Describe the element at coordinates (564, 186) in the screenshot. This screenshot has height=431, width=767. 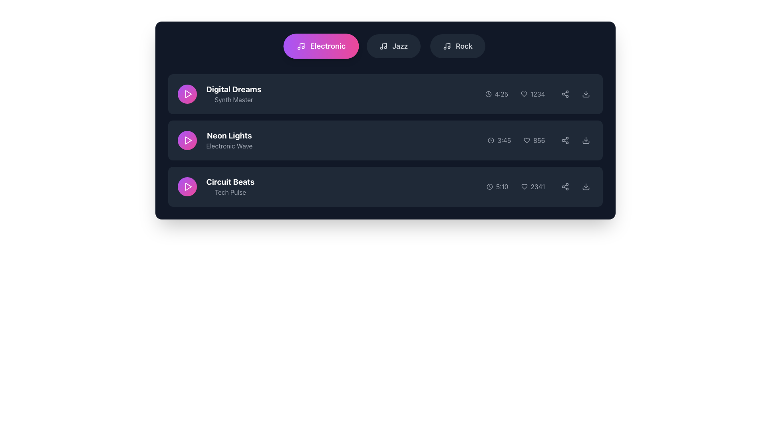
I see `the share icon button located in the third row of the music playlist UI towards the right side` at that location.